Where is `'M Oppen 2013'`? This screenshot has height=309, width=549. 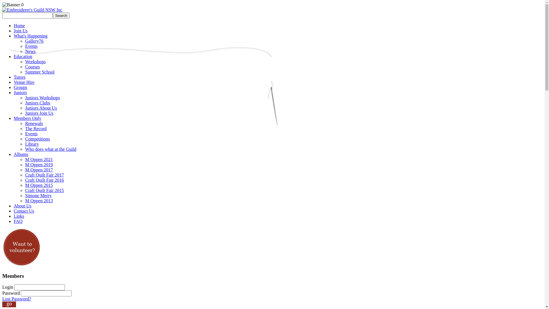
'M Oppen 2013' is located at coordinates (39, 200).